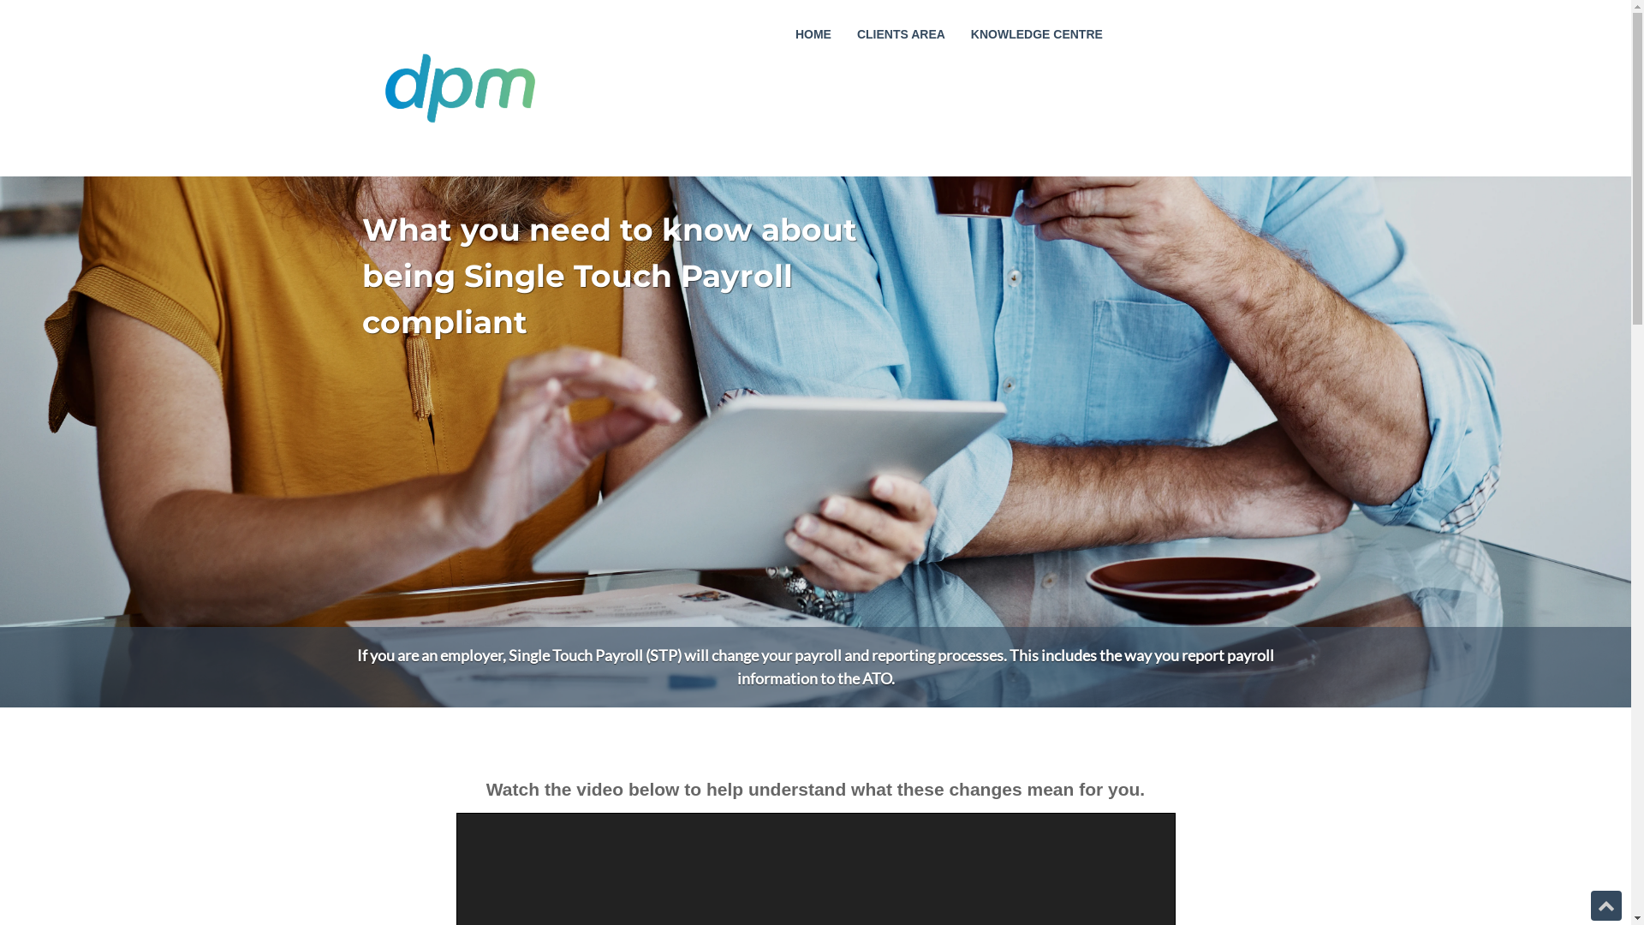  What do you see at coordinates (459, 88) in the screenshot?
I see `'DPM Logo'` at bounding box center [459, 88].